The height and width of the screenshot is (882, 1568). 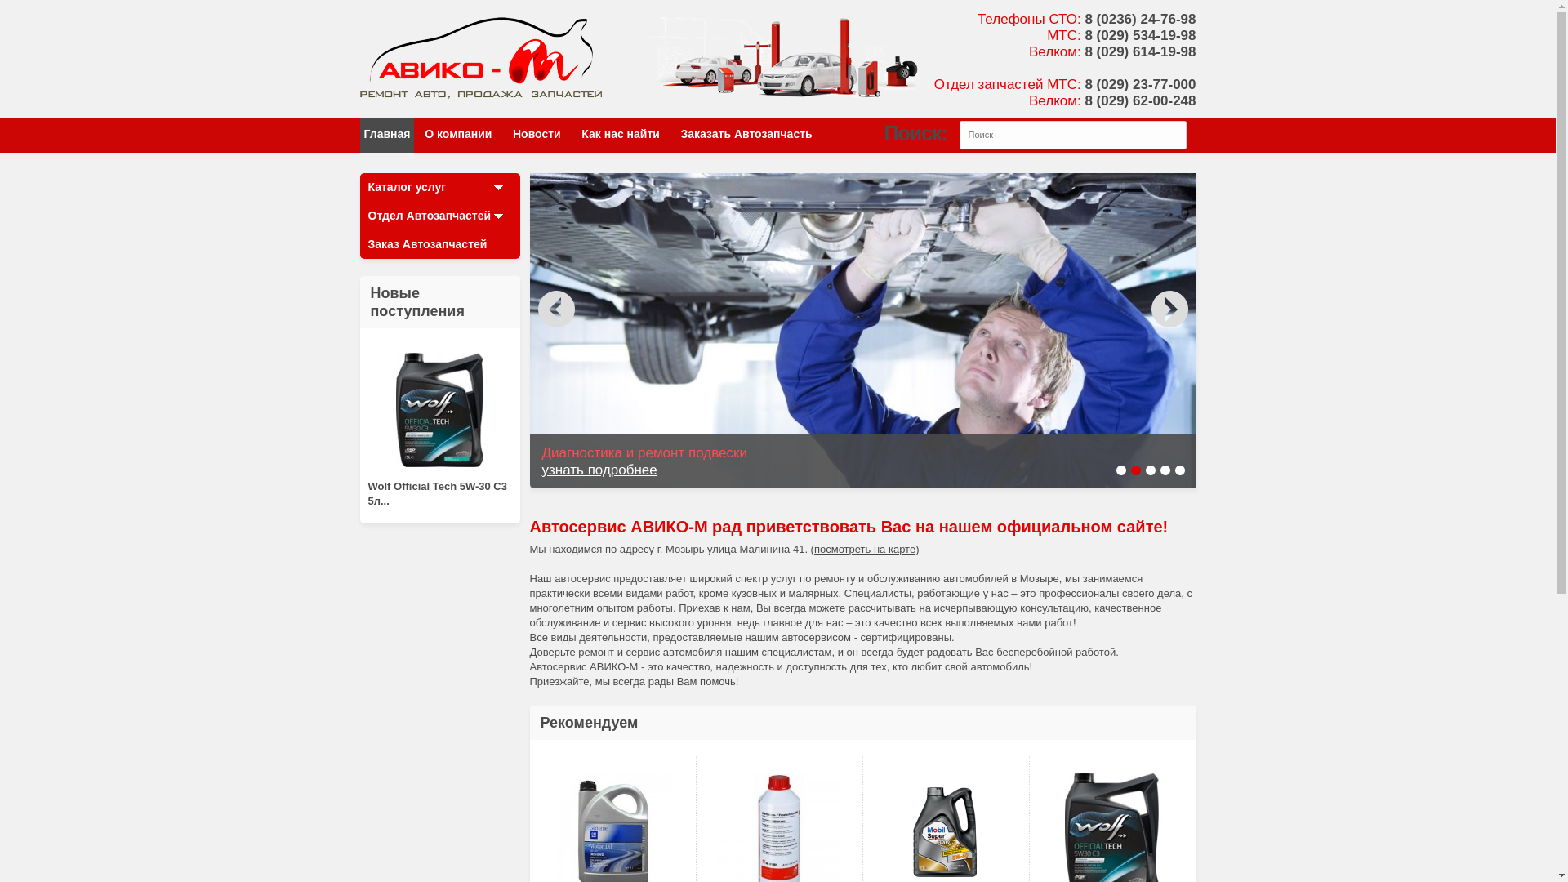 I want to click on 'false', so click(x=555, y=309).